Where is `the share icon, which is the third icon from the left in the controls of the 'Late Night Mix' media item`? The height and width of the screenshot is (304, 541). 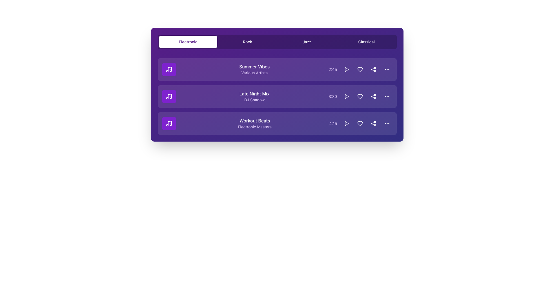 the share icon, which is the third icon from the left in the controls of the 'Late Night Mix' media item is located at coordinates (373, 96).